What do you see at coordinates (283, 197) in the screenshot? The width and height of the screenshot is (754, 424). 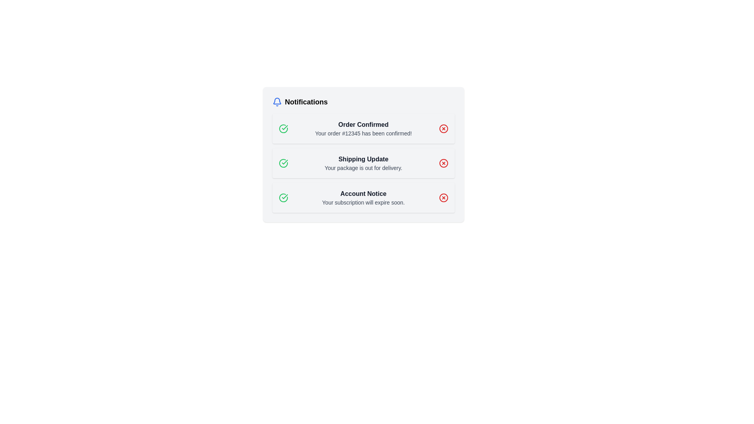 I see `the icon indicating the successful state of the 'Account Notice' notification, which is located to the left of the 'Account Notice' title` at bounding box center [283, 197].